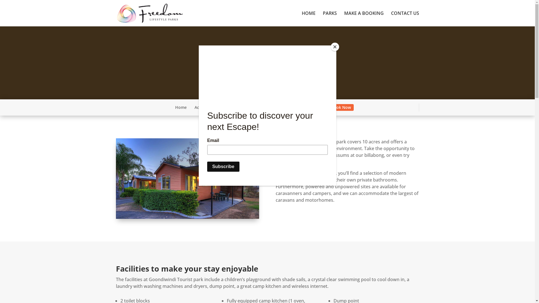 The image size is (539, 303). I want to click on 'MAKE A BOOKING', so click(364, 18).